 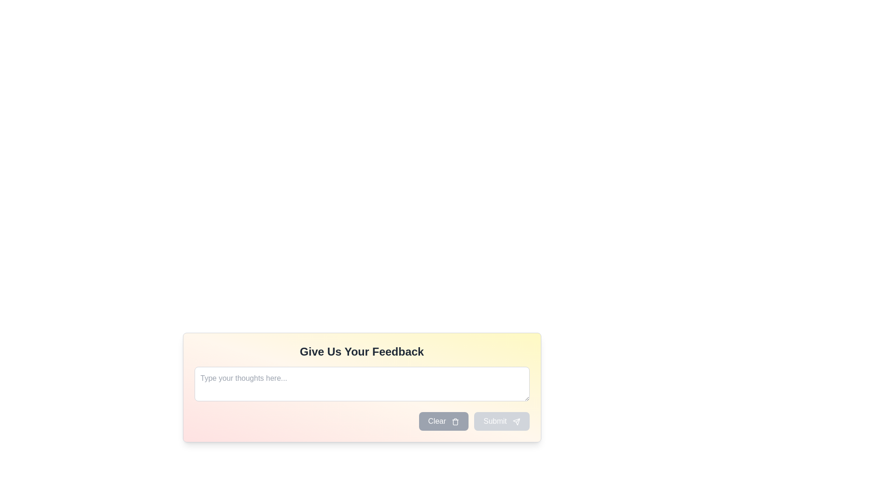 What do you see at coordinates (361, 351) in the screenshot?
I see `the header text of the feedback form, which is centrally aligned at the top of the card layout with a soft gradient background and rounded corners` at bounding box center [361, 351].